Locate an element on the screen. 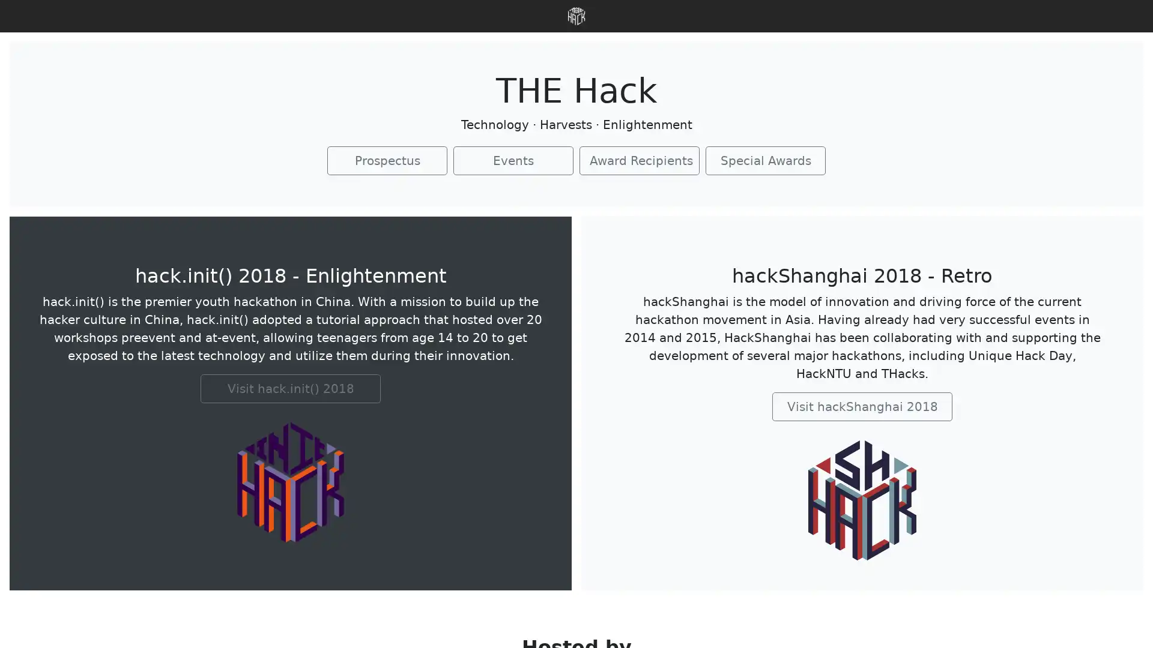 This screenshot has width=1153, height=648. Prospectus is located at coordinates (387, 160).